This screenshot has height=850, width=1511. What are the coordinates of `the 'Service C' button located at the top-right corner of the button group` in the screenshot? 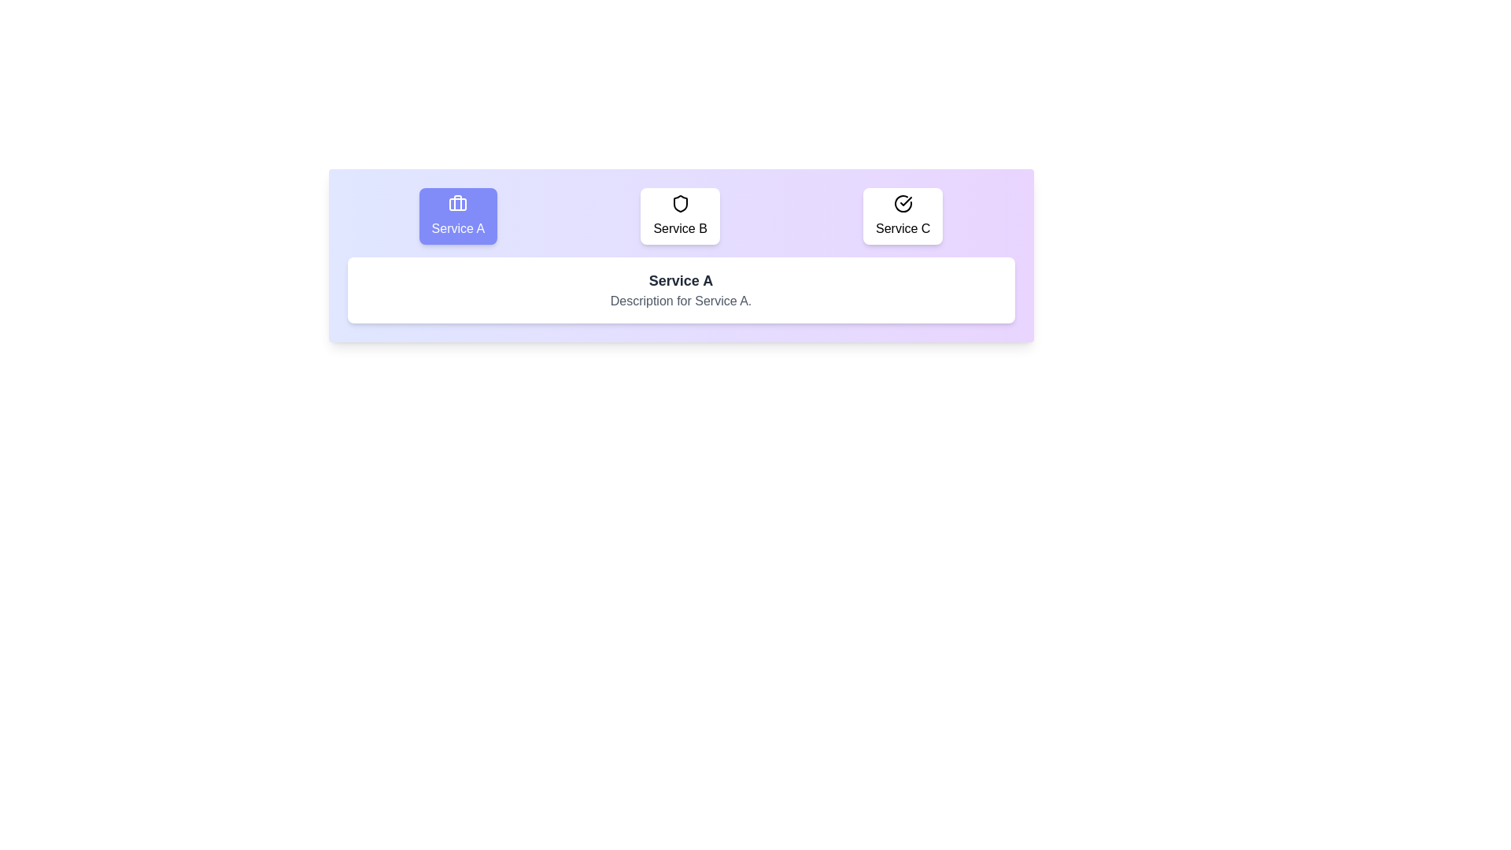 It's located at (903, 216).